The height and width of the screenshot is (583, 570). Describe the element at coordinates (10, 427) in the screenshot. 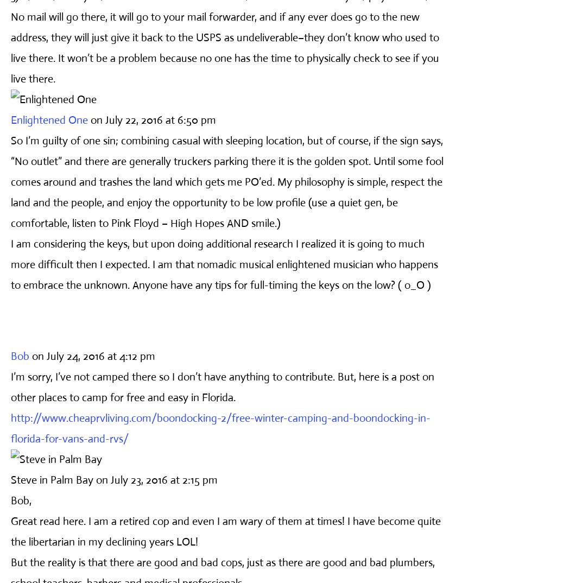

I see `'http://www.cheaprvliving.com/boondocking-2/free-winter-camping-and-boondocking-in-florida-for-vans-and-rvs/'` at that location.